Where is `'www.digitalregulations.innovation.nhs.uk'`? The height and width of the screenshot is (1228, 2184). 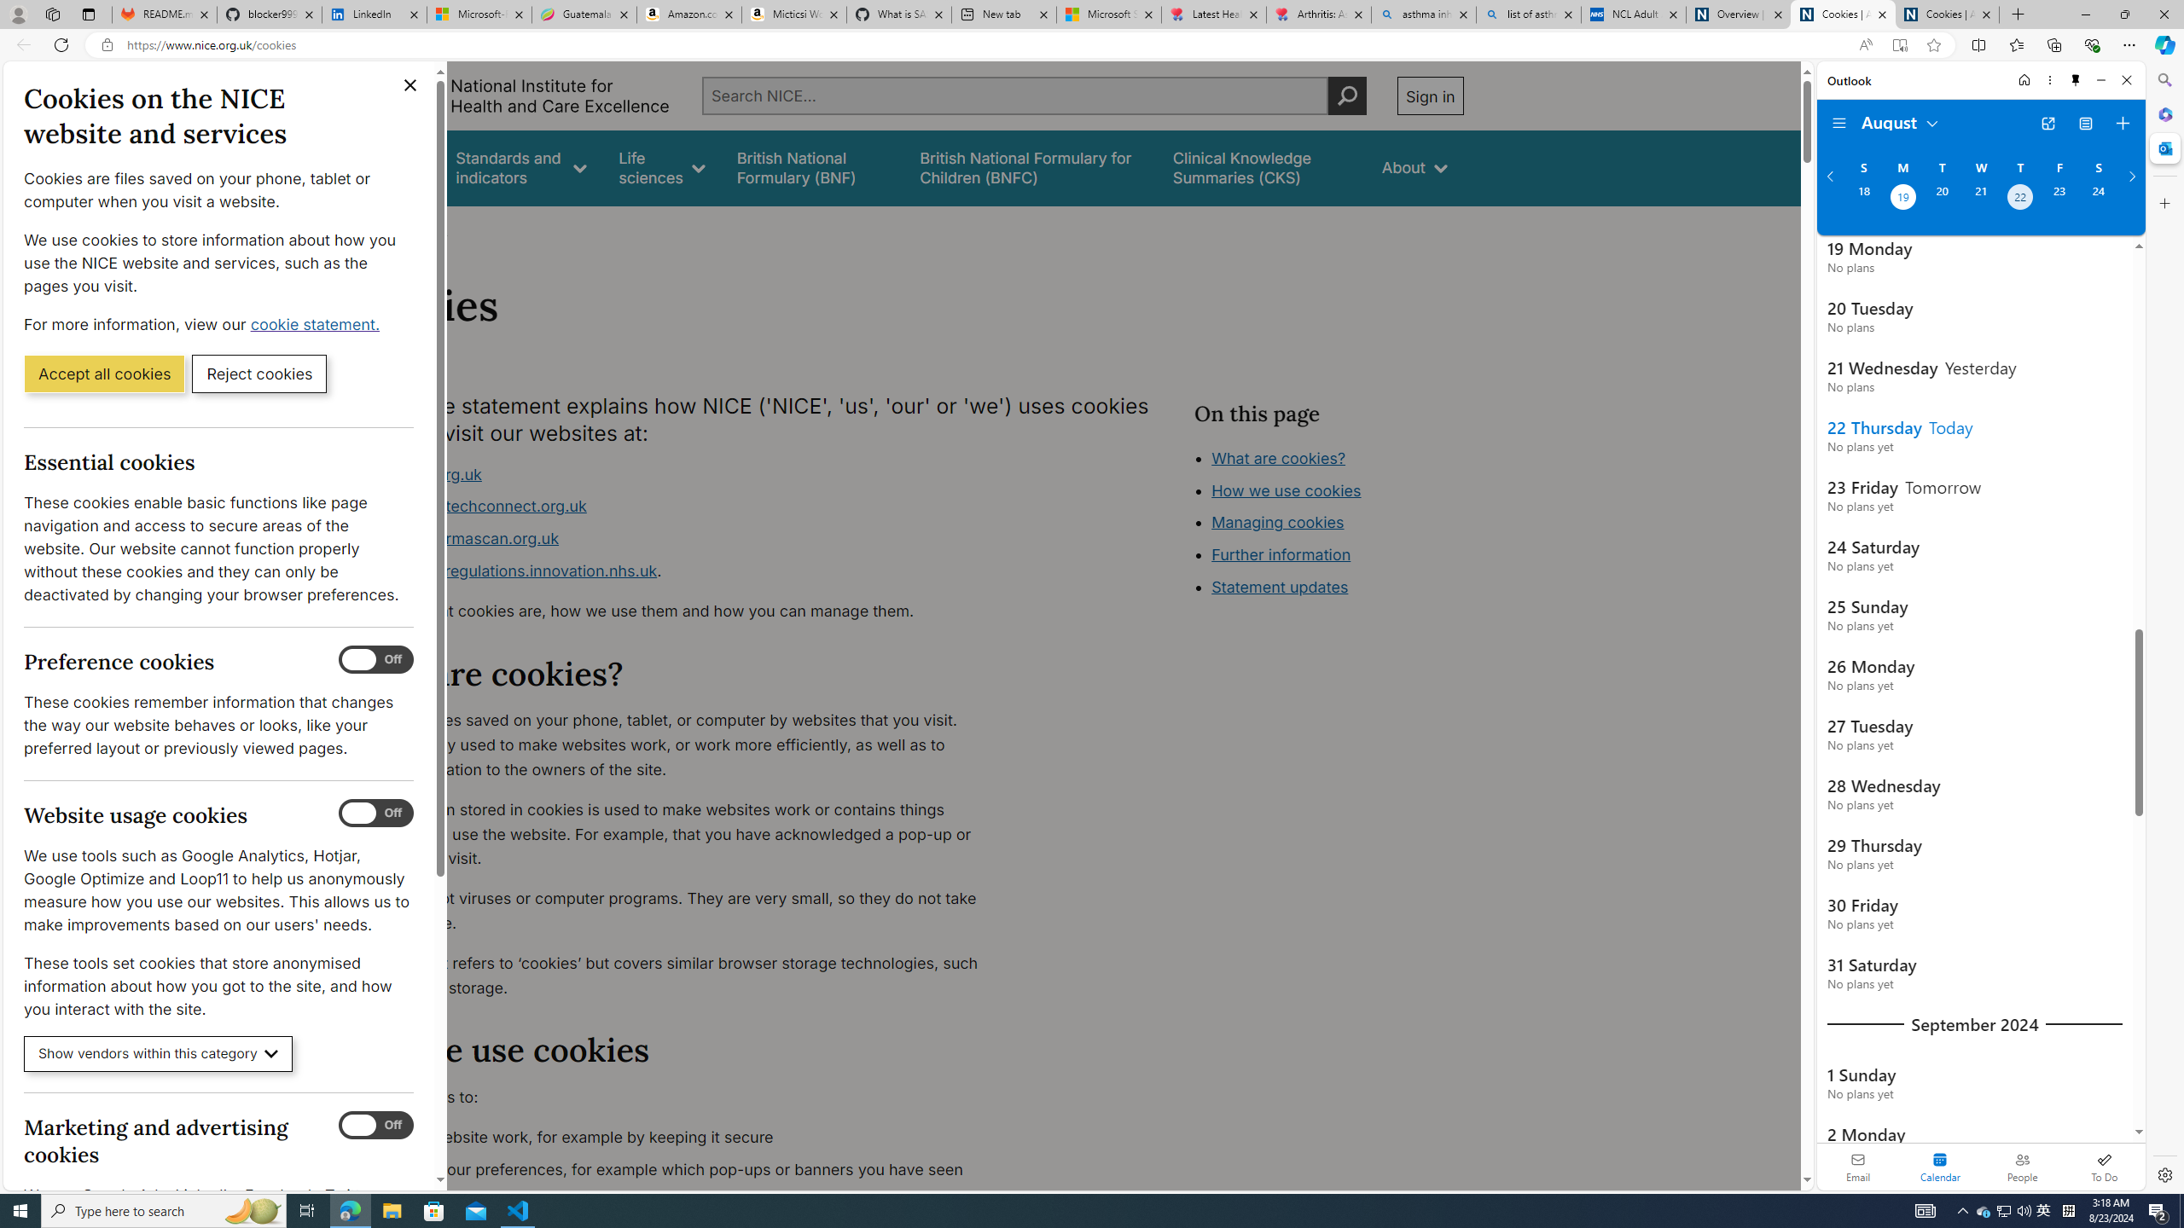 'www.digitalregulations.innovation.nhs.uk' is located at coordinates (508, 569).